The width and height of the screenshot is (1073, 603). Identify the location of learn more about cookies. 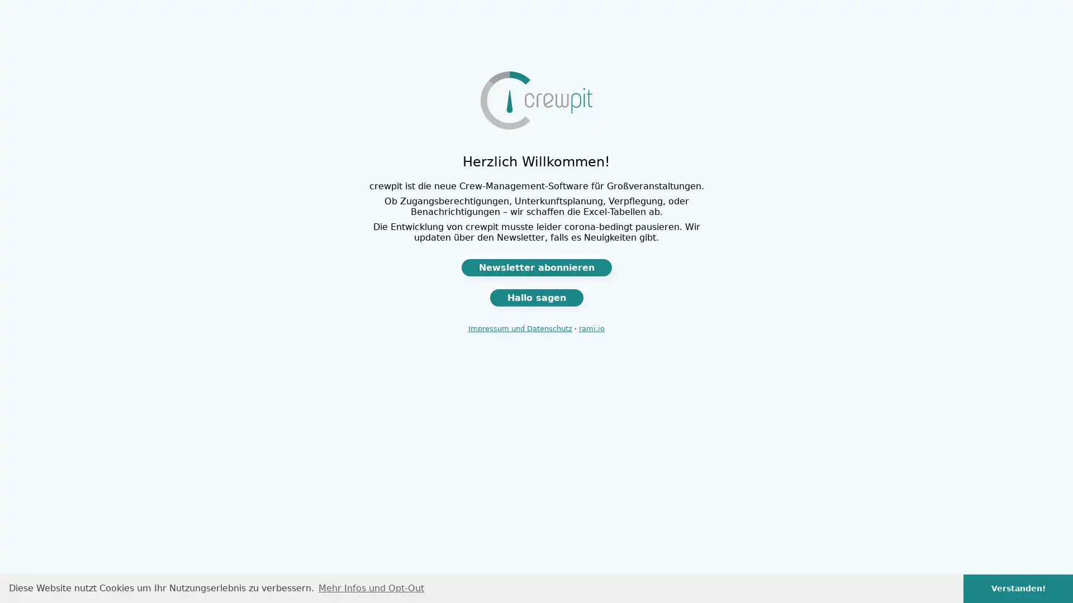
(371, 587).